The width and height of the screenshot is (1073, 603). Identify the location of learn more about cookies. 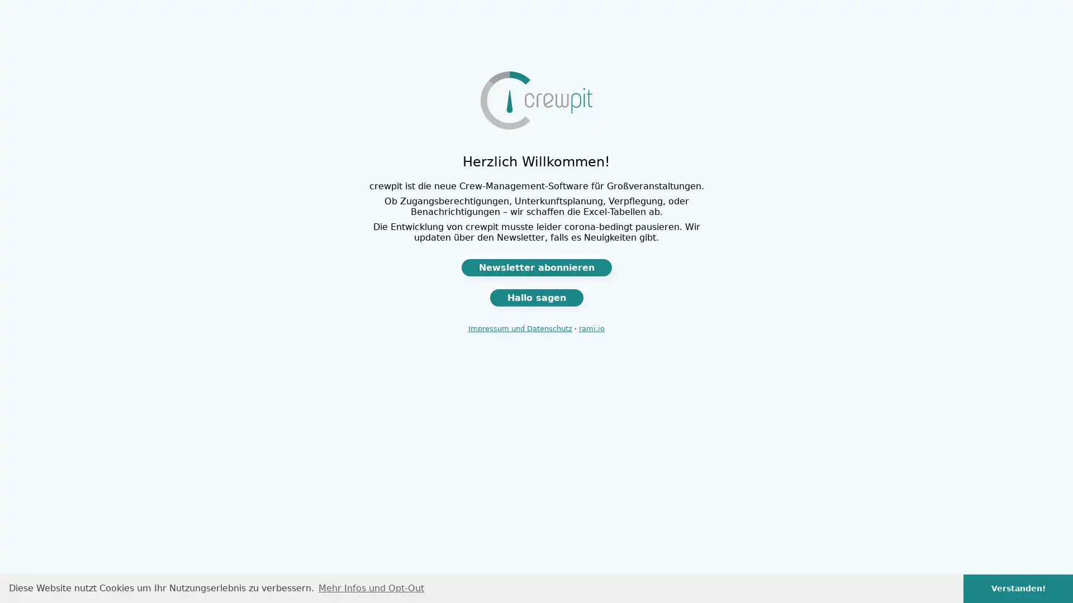
(371, 587).